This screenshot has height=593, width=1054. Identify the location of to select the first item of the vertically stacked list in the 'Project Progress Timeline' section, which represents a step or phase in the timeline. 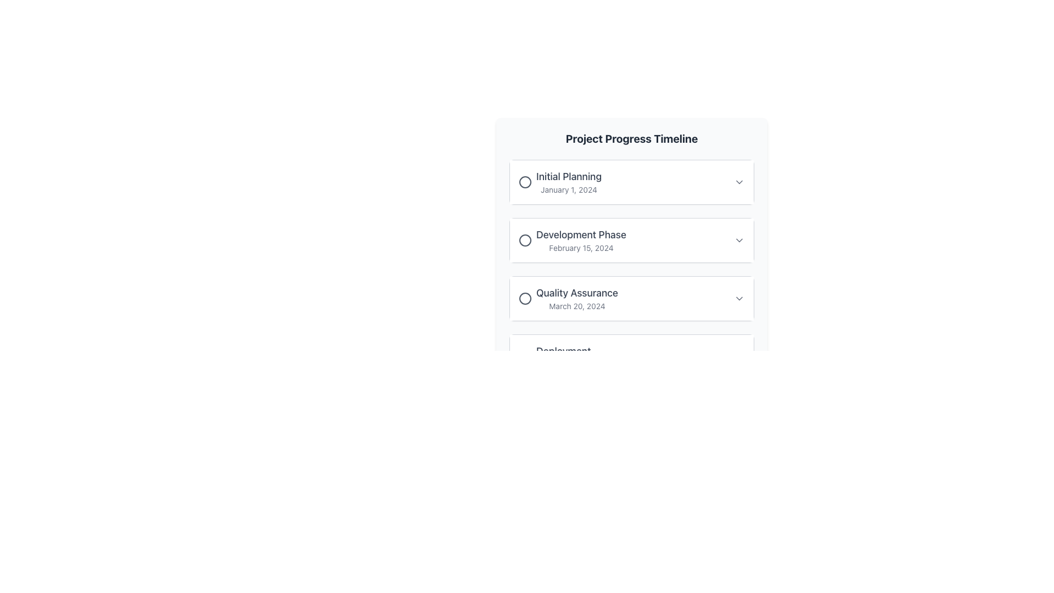
(632, 181).